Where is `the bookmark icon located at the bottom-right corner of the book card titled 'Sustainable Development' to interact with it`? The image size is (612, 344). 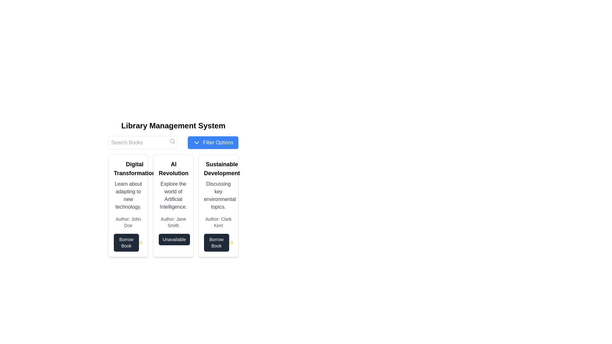 the bookmark icon located at the bottom-right corner of the book card titled 'Sustainable Development' to interact with it is located at coordinates (230, 243).